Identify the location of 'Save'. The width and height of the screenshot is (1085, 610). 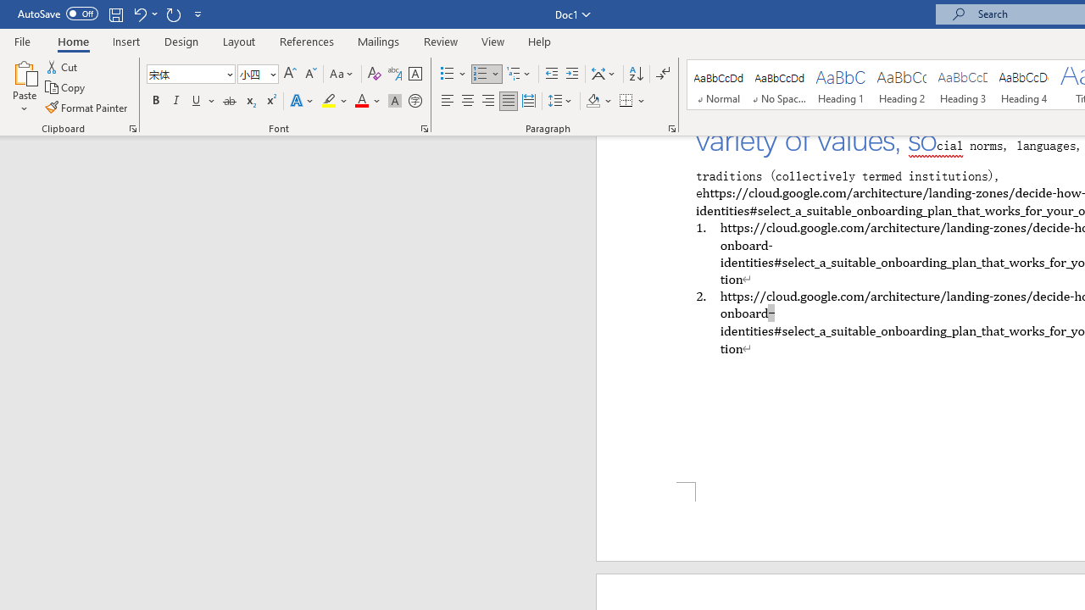
(114, 14).